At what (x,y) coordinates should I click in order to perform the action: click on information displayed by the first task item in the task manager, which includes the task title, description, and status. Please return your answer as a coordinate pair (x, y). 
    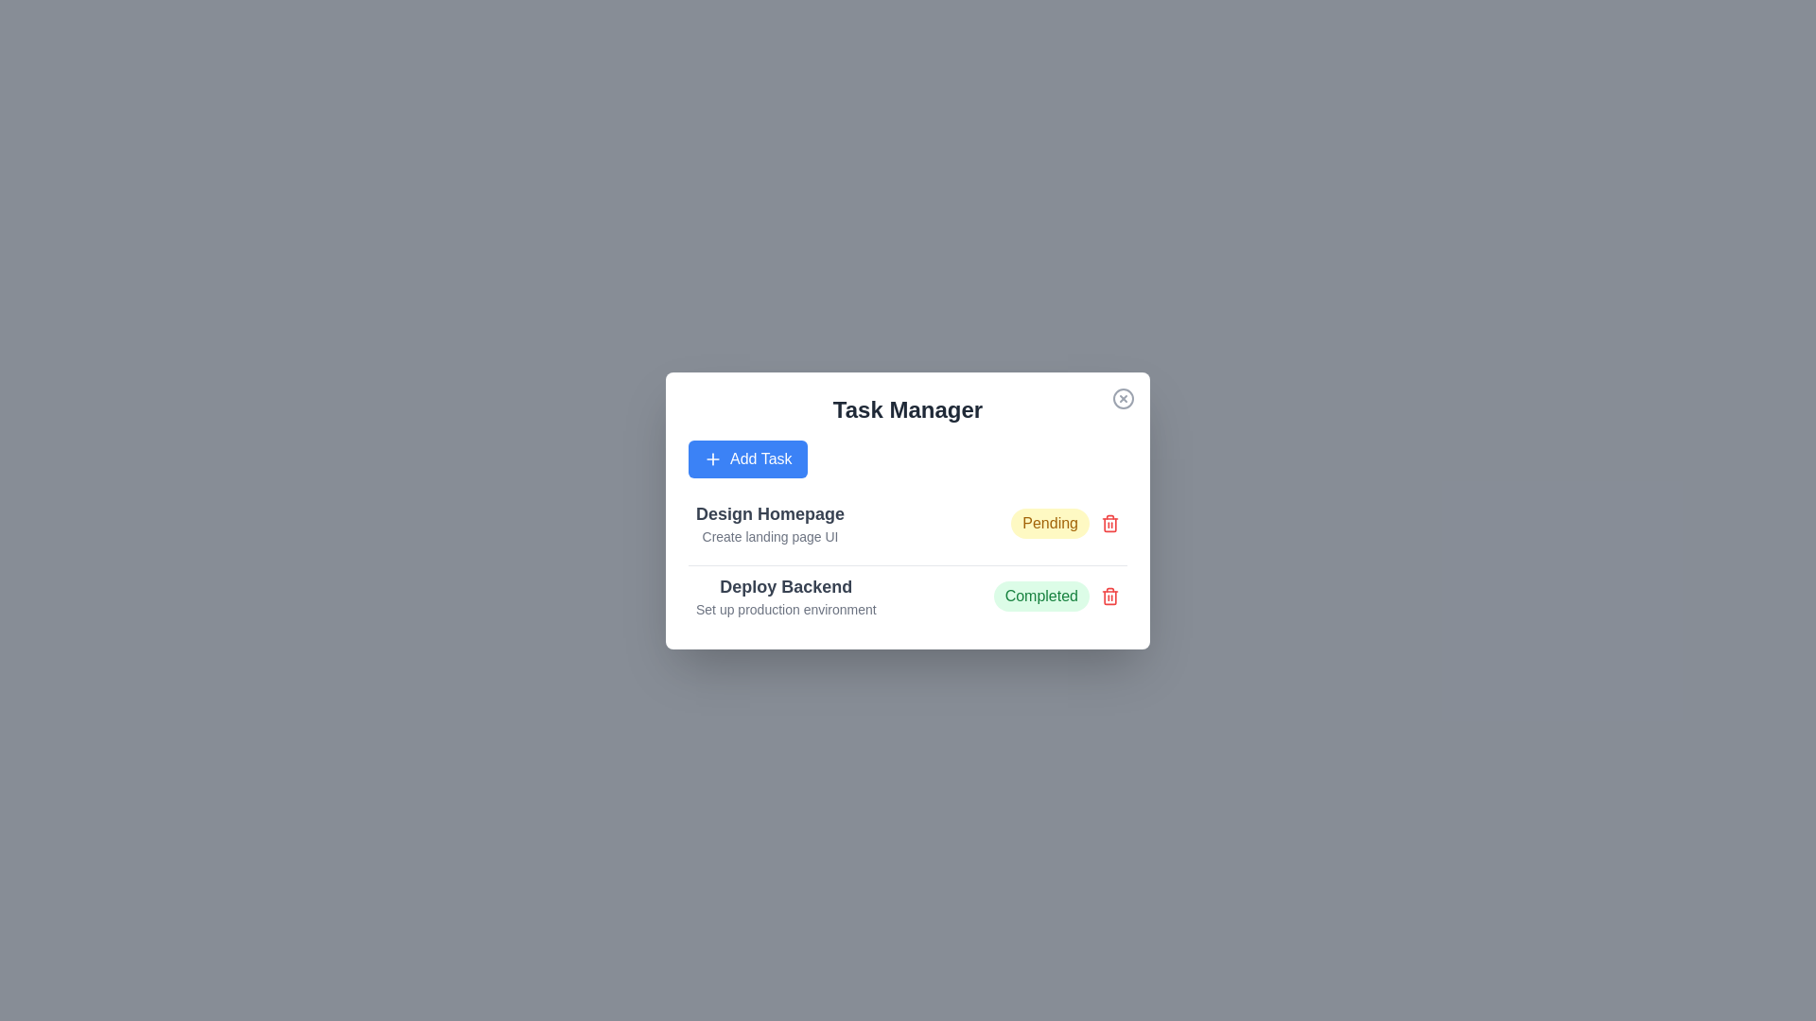
    Looking at the image, I should click on (908, 523).